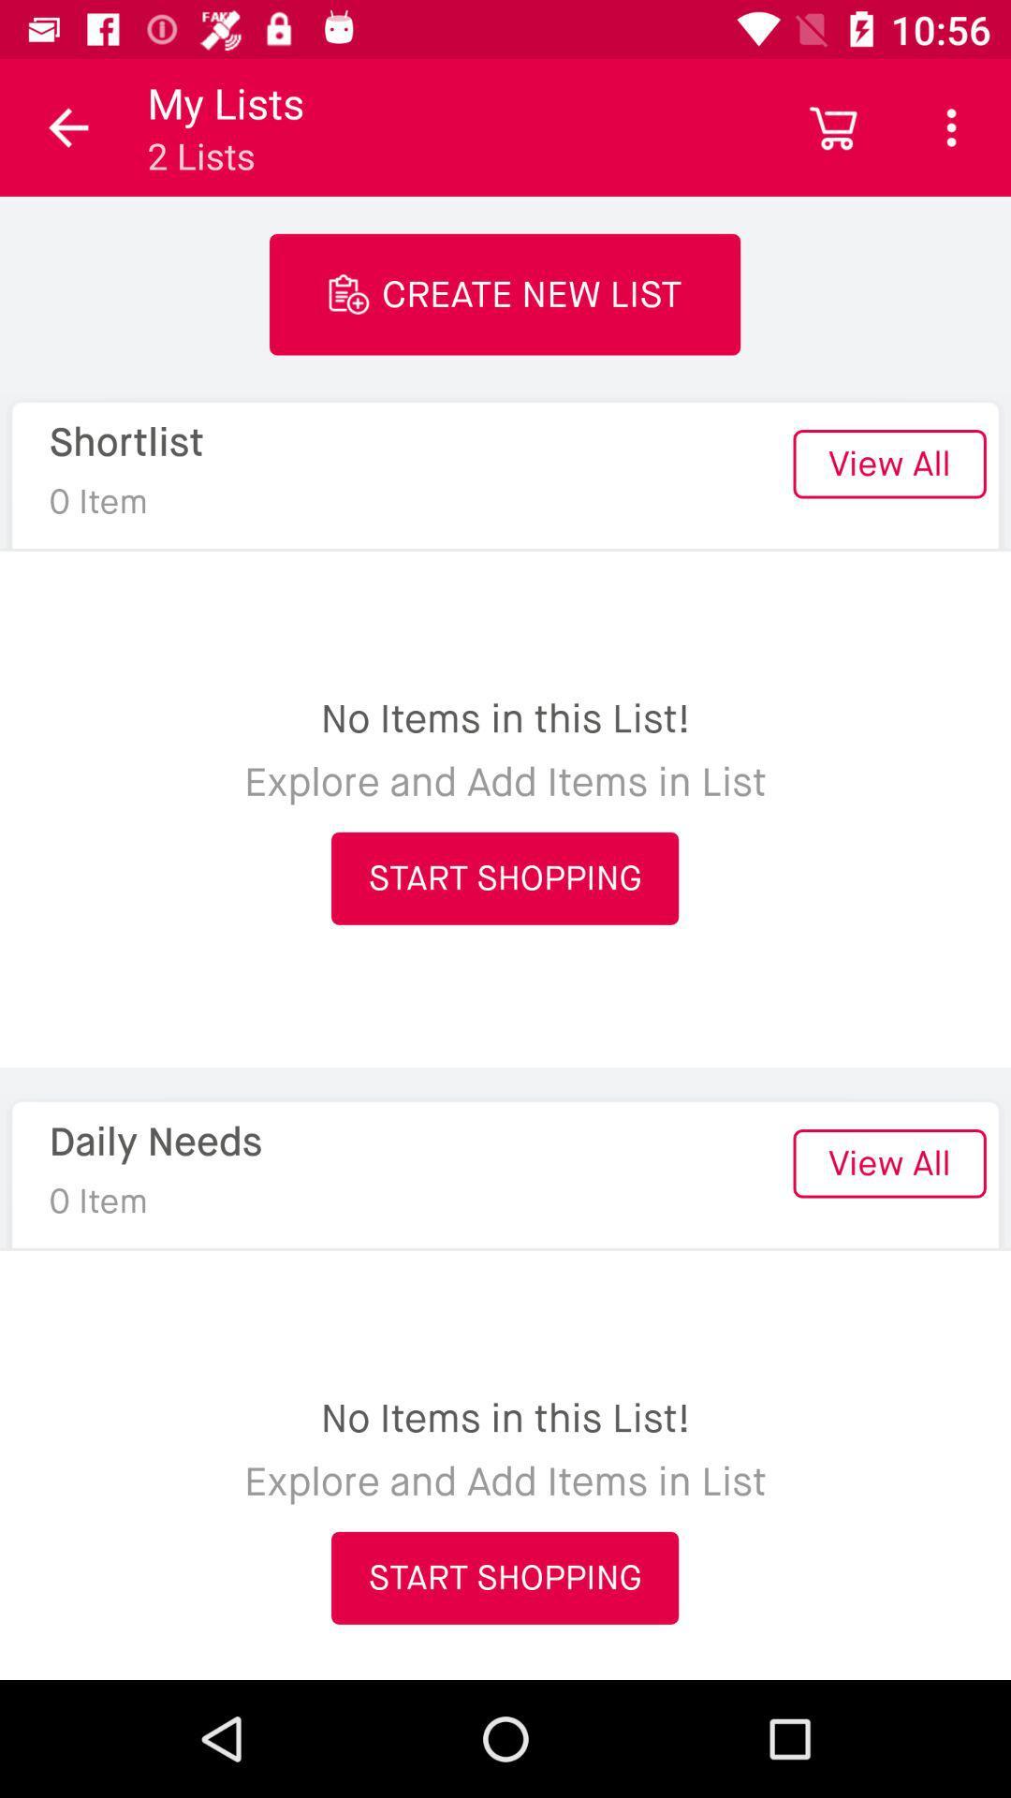  I want to click on the icon below my lists, so click(504, 293).